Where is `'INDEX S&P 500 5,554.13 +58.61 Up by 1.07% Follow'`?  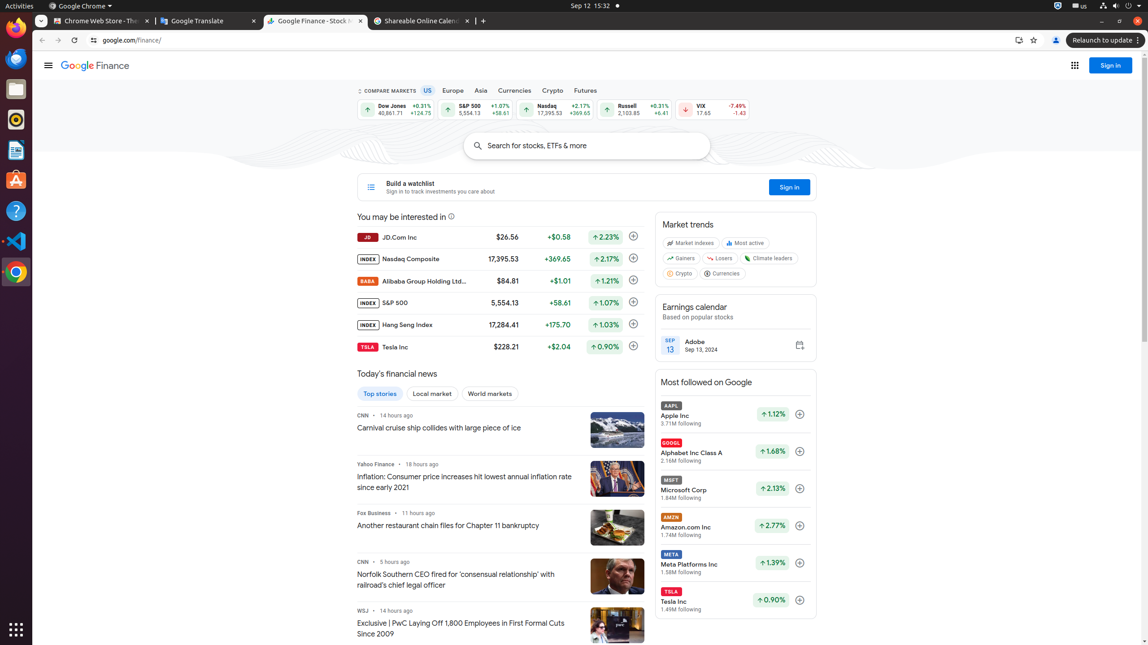
'INDEX S&P 500 5,554.13 +58.61 Up by 1.07% Follow' is located at coordinates (500, 302).